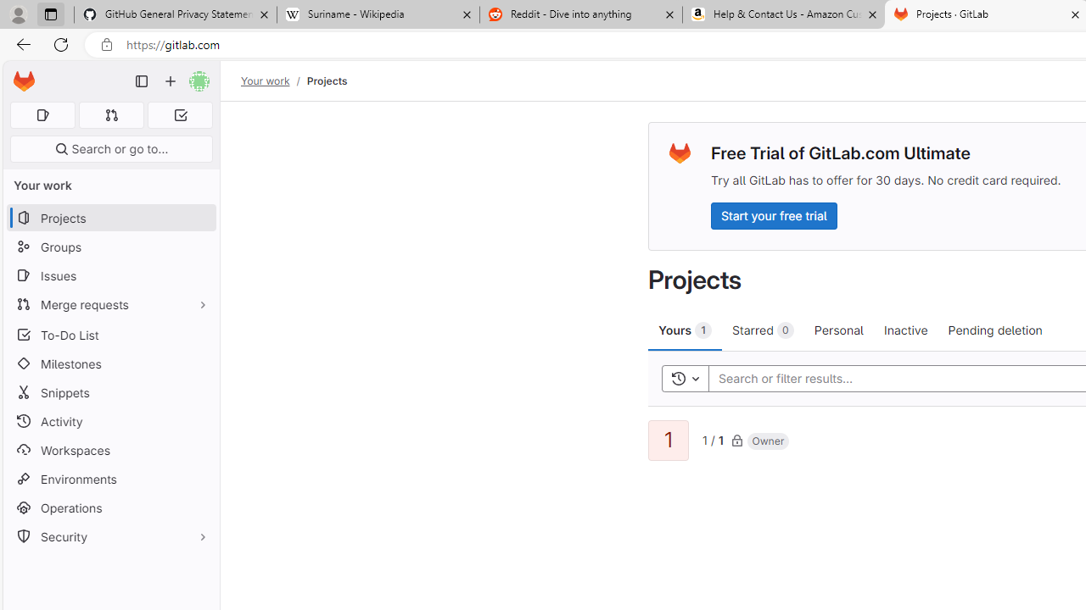 This screenshot has height=610, width=1086. What do you see at coordinates (995, 330) in the screenshot?
I see `'Pending deletion'` at bounding box center [995, 330].